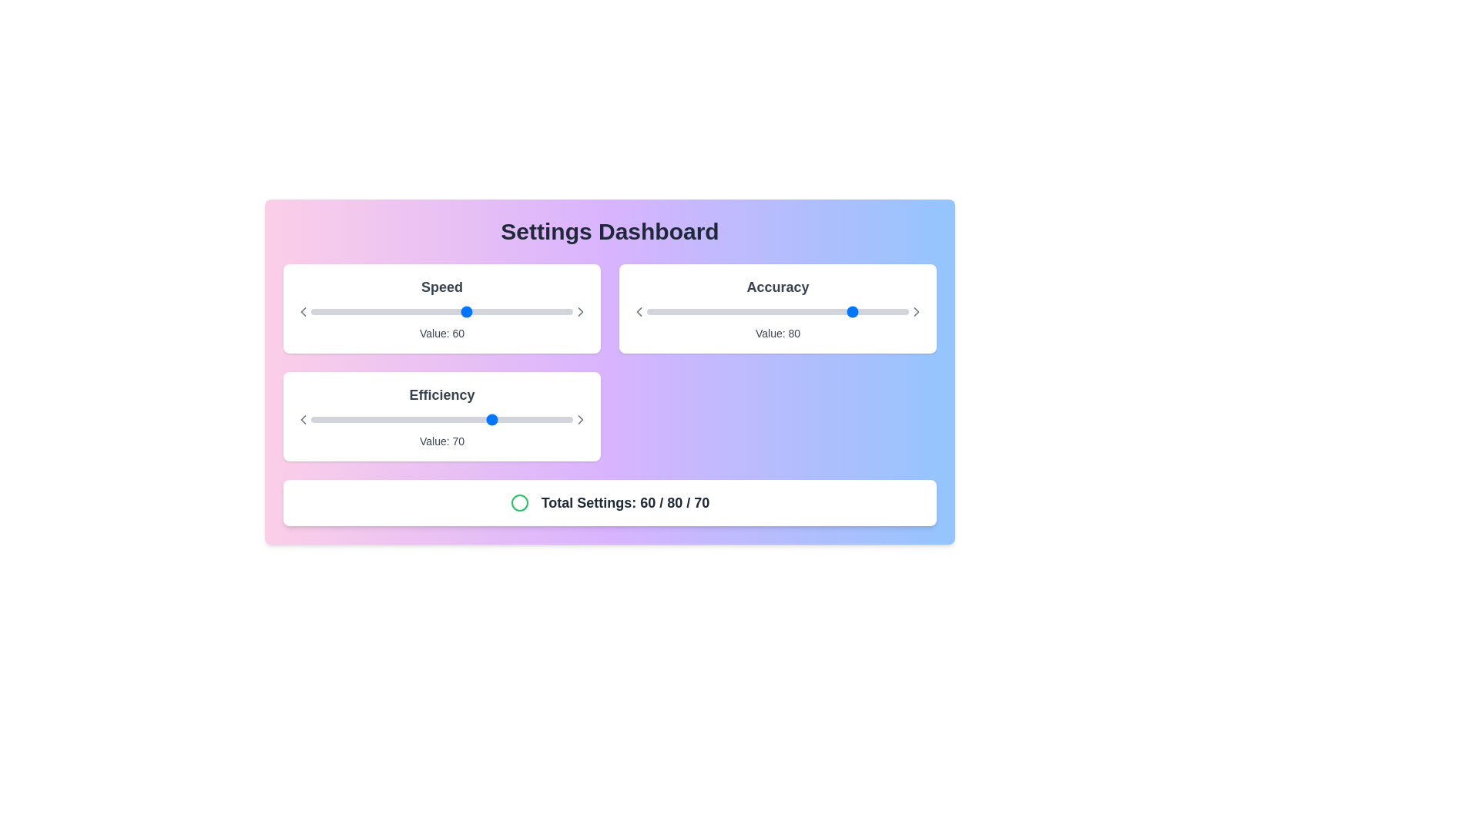 The width and height of the screenshot is (1479, 832). Describe the element at coordinates (625, 502) in the screenshot. I see `the Static Text Label displaying 'Total Settings: 60 / 80 / 70', which is located at the bottom of the user interface, below the sliders labeled 'Speed,' 'Accuracy,' and 'Efficiency.'` at that location.